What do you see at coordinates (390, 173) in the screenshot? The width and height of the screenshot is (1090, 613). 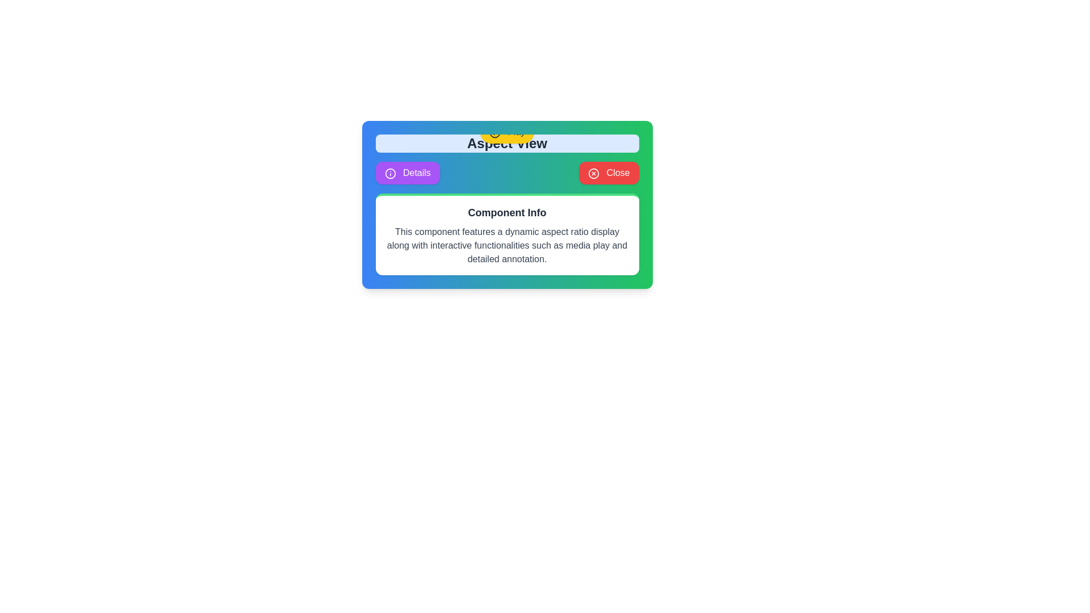 I see `the Information Icon located on the left side of the 'Details' button` at bounding box center [390, 173].